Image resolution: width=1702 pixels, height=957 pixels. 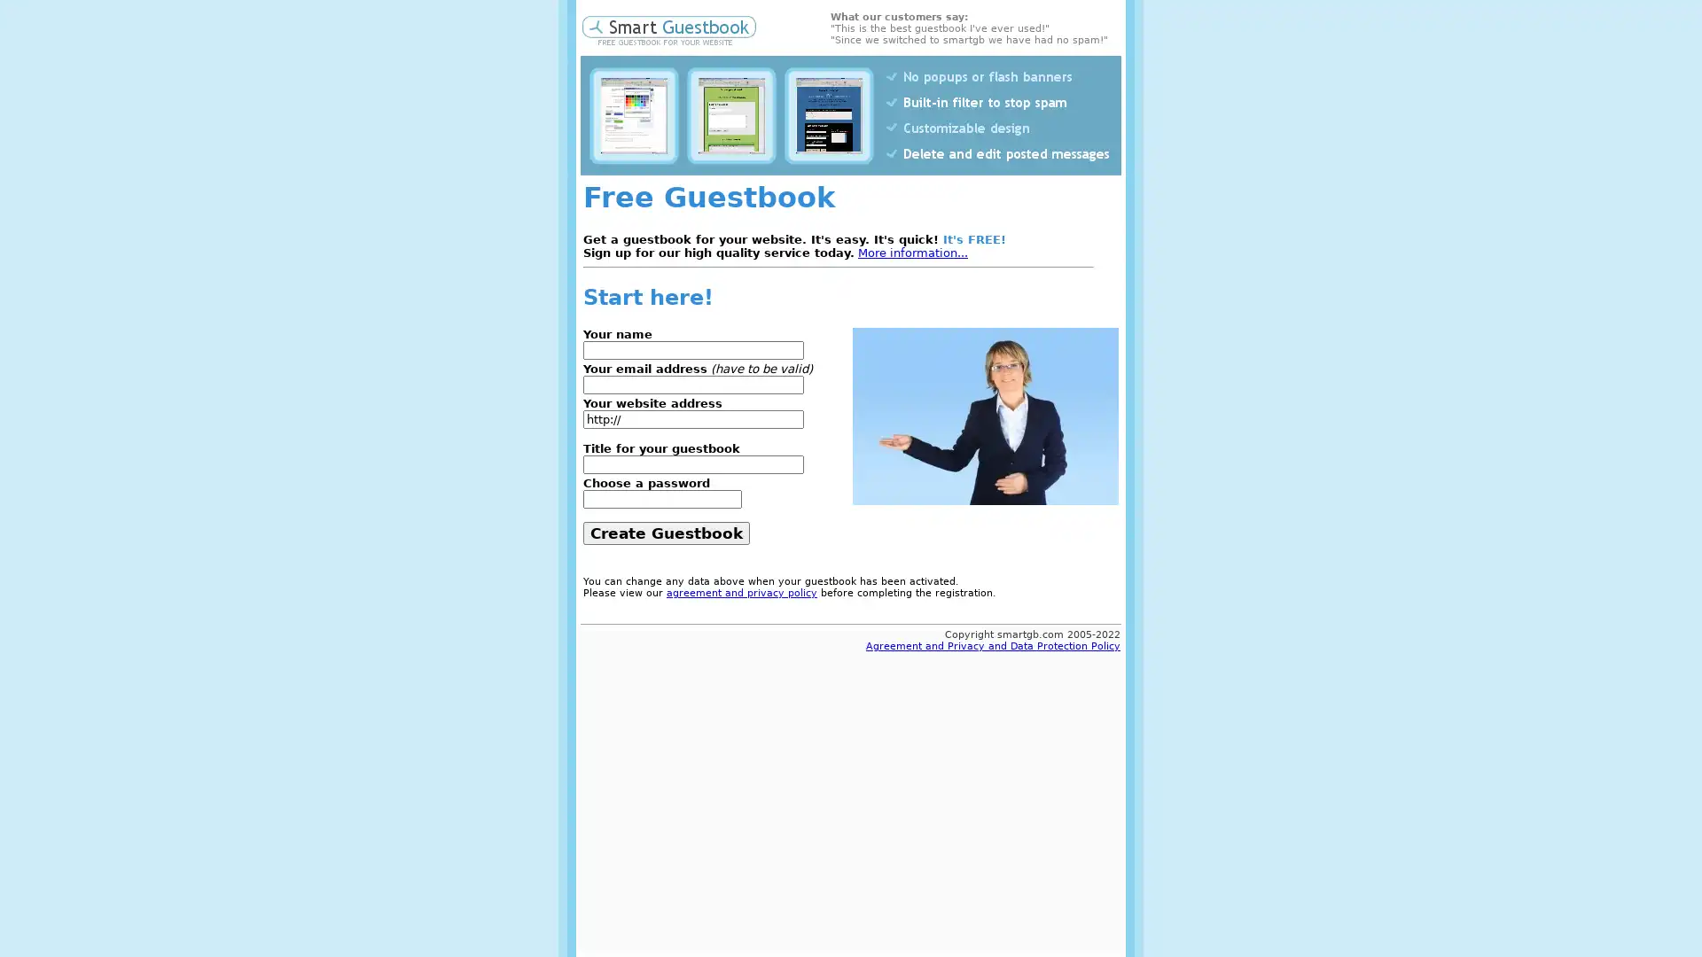 What do you see at coordinates (666, 532) in the screenshot?
I see `Create Guestbook` at bounding box center [666, 532].